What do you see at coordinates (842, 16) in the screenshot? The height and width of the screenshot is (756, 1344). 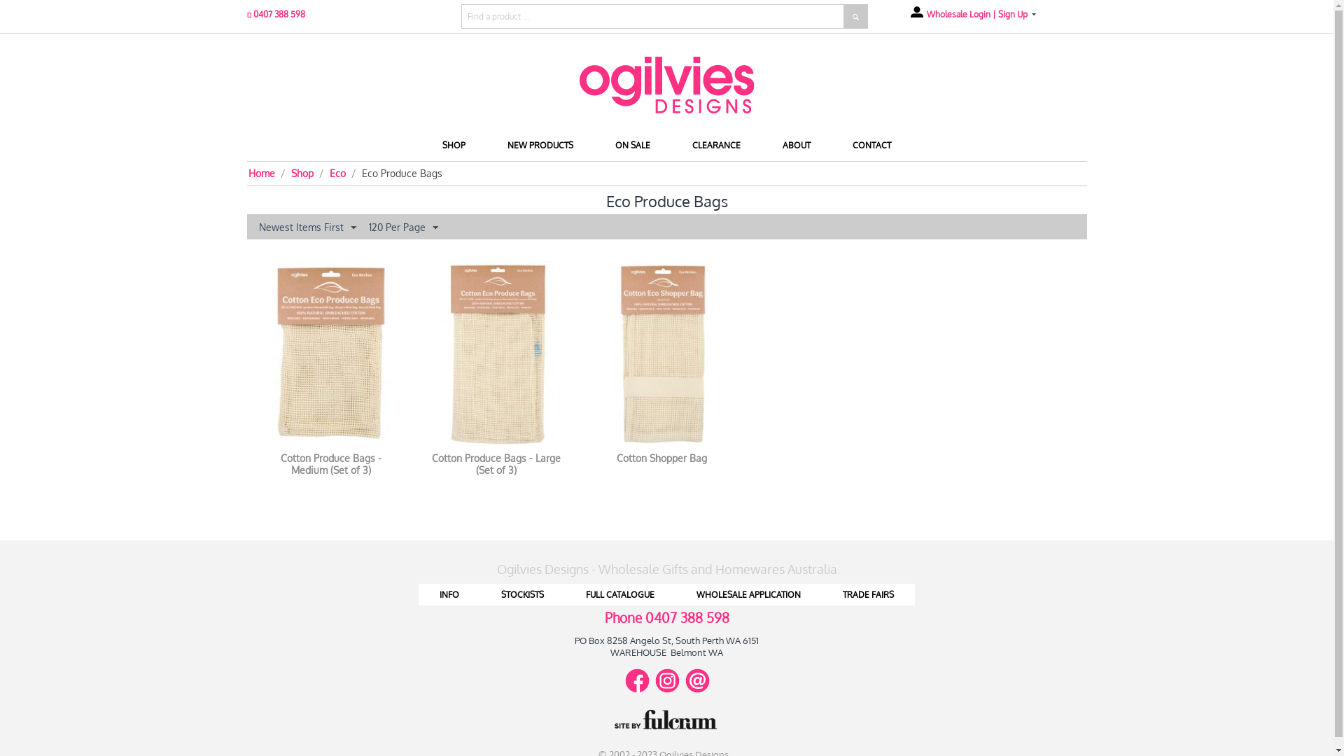 I see `'Search'` at bounding box center [842, 16].